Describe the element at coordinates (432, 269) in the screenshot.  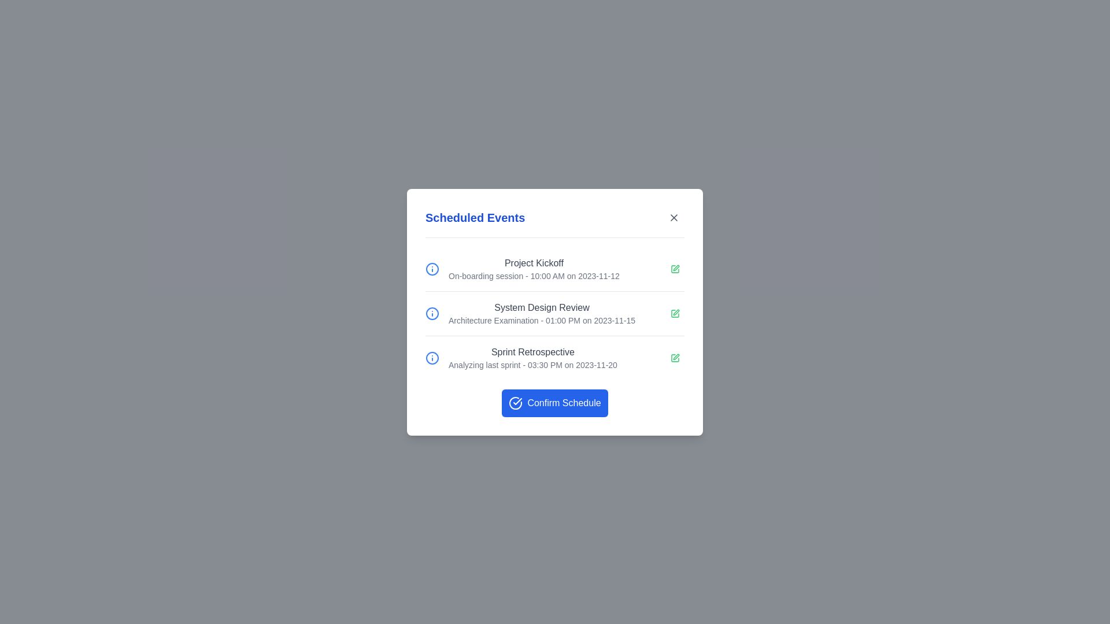
I see `the information icon for Project Kickoff to view more details` at that location.